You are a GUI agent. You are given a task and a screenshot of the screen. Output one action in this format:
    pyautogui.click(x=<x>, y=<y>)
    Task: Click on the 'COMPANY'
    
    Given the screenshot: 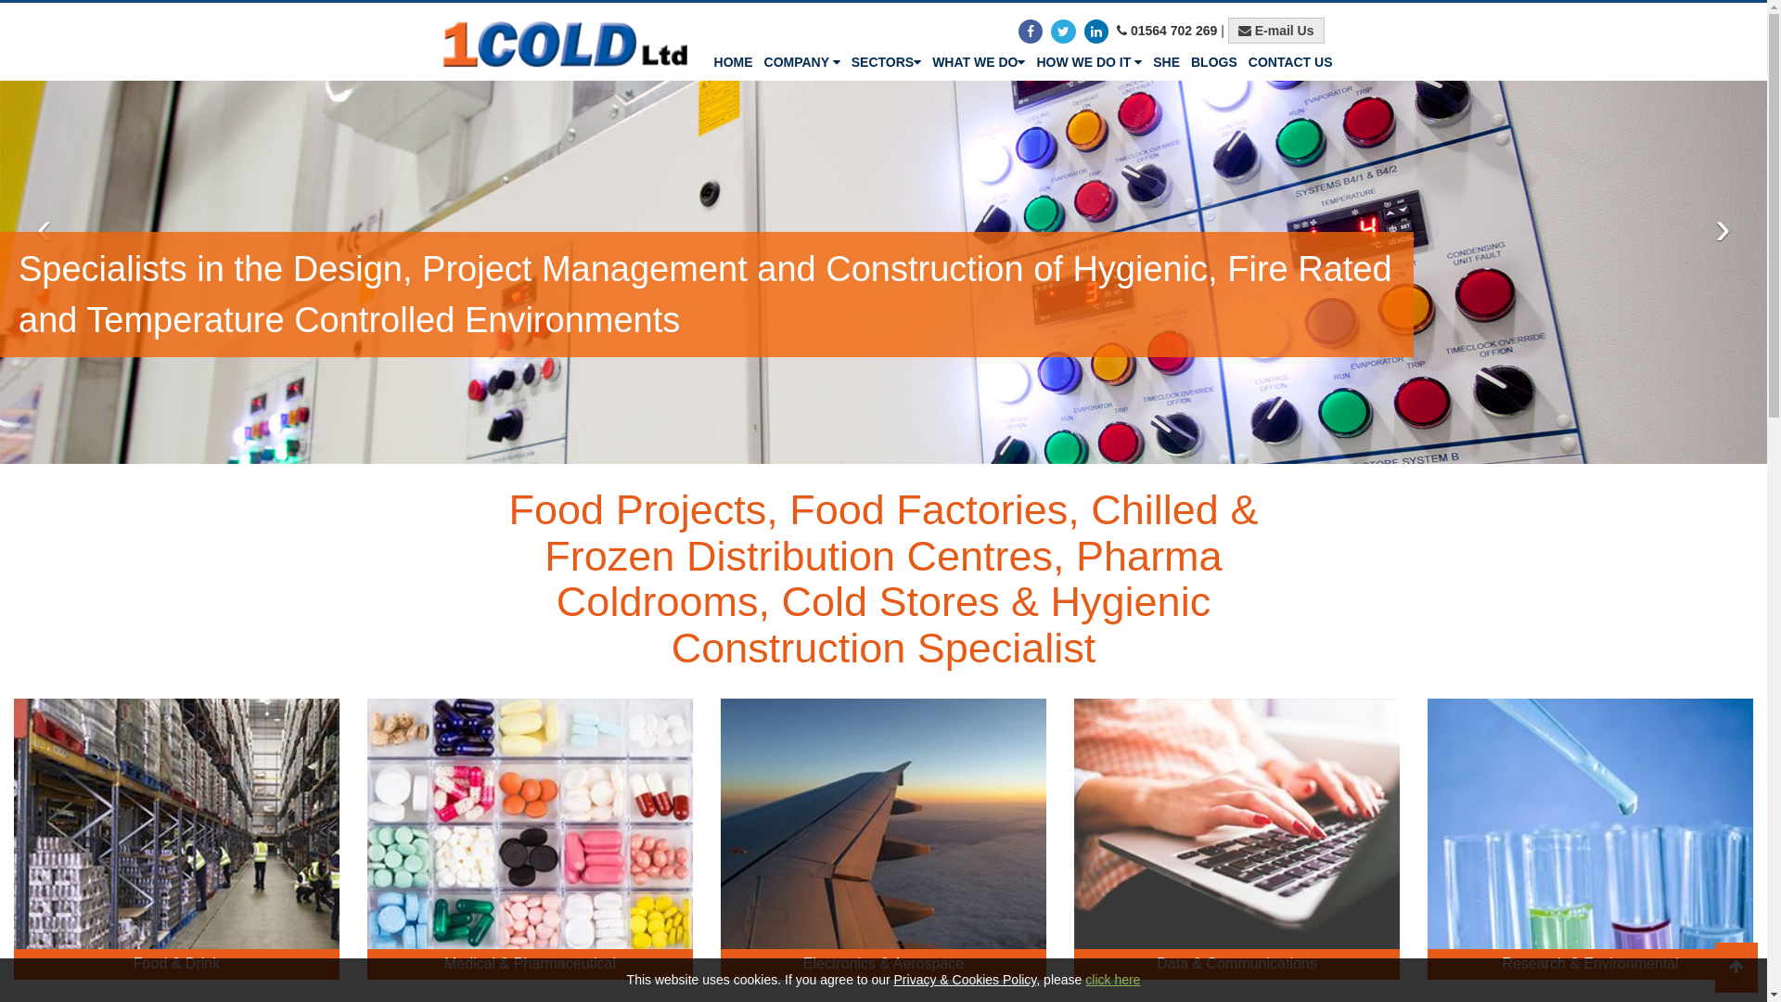 What is the action you would take?
    pyautogui.click(x=801, y=60)
    